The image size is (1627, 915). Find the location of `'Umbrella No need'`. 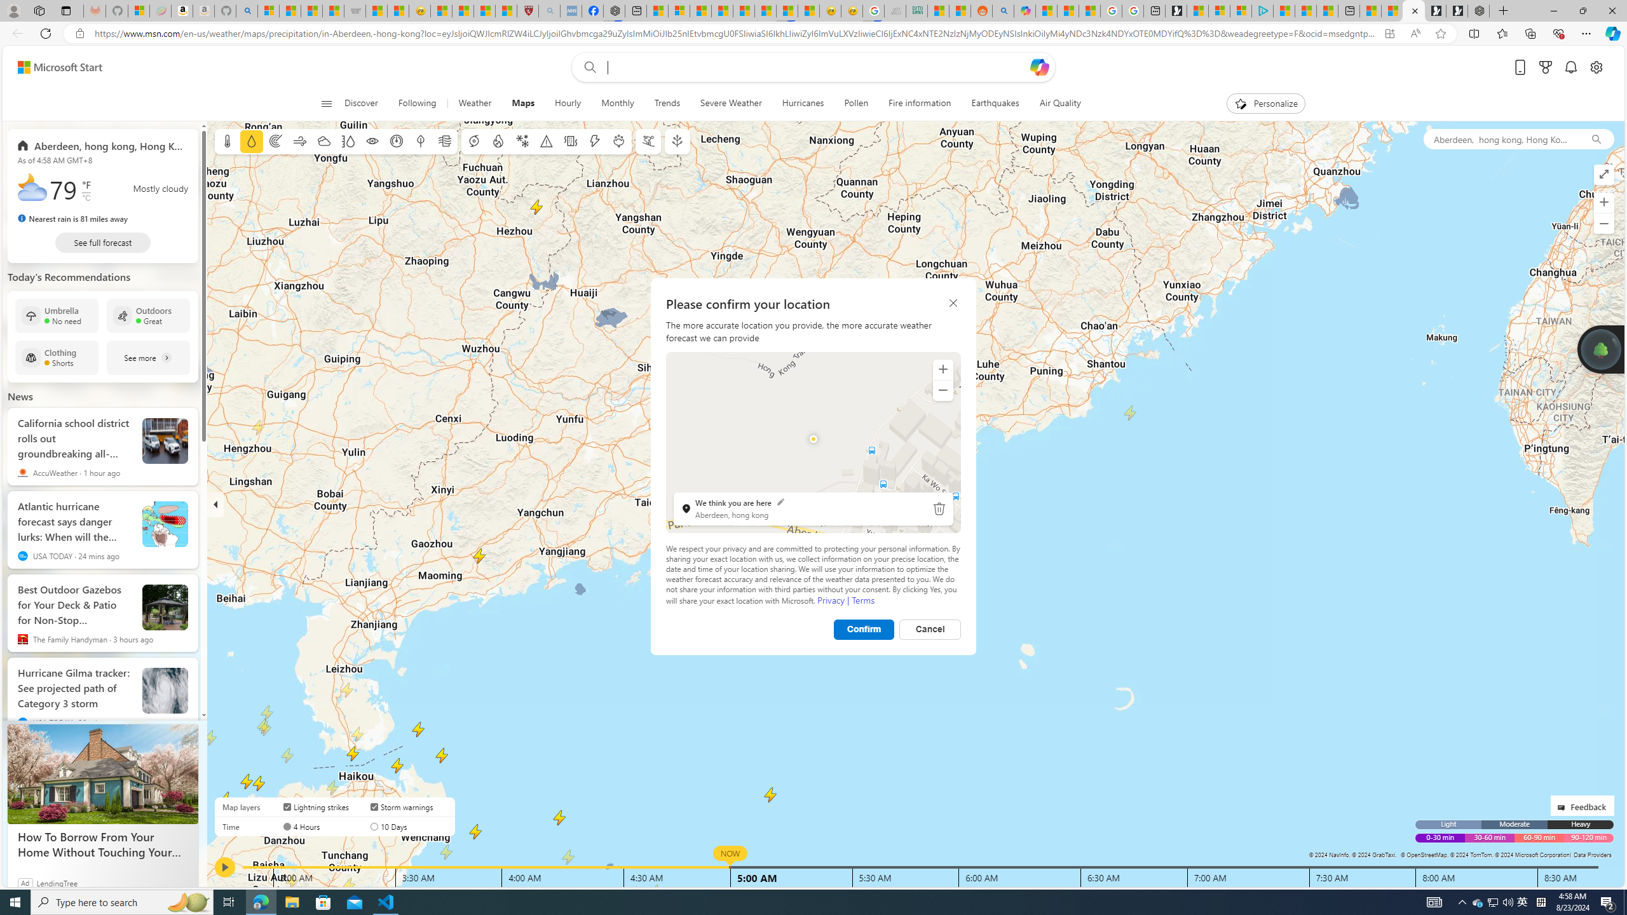

'Umbrella No need' is located at coordinates (57, 315).